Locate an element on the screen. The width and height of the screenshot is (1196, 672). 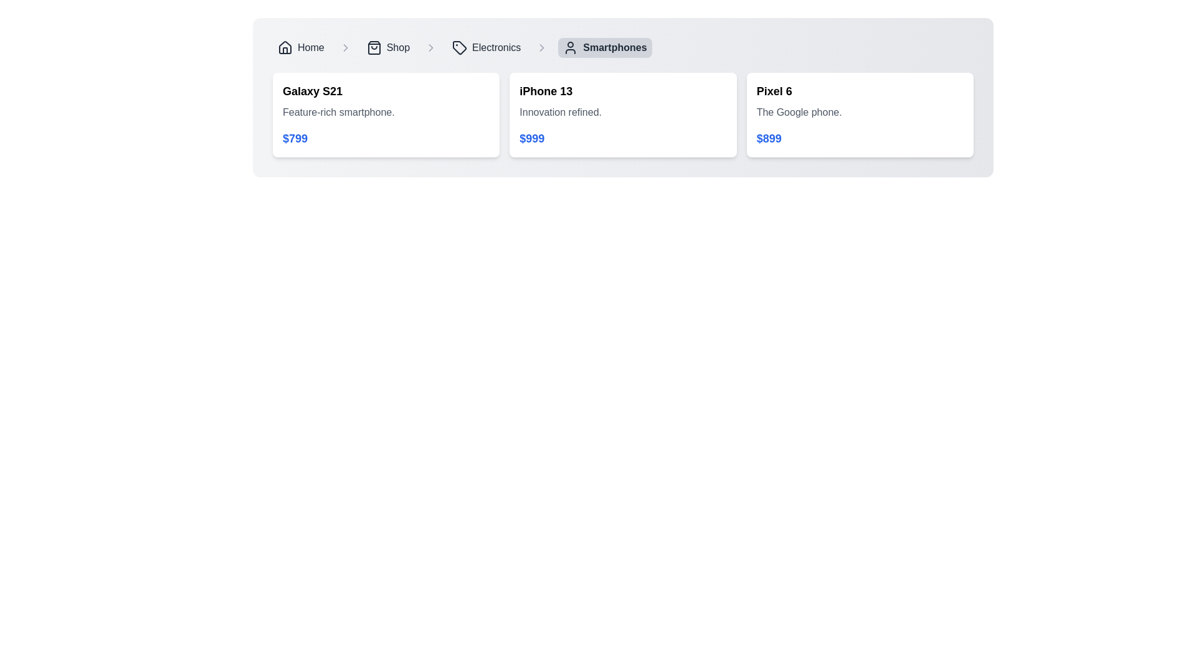
the informational text label providing additional details about the product 'Pixel 6', which is located centrally below the title and above the price label is located at coordinates (799, 113).